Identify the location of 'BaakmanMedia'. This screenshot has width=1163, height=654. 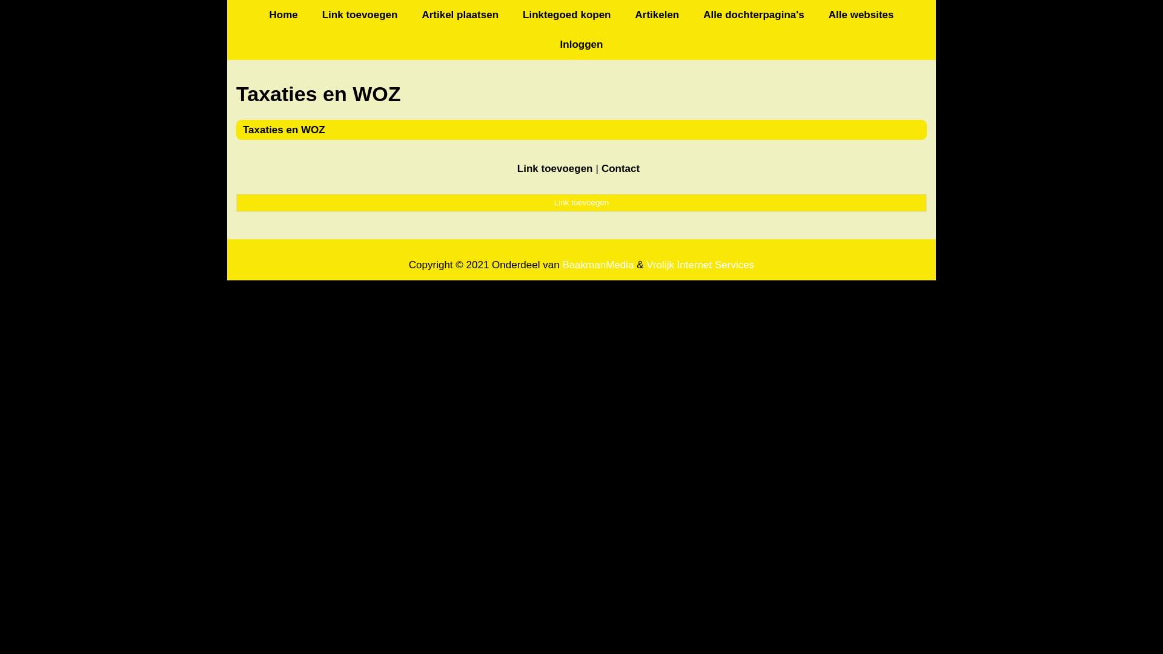
(561, 264).